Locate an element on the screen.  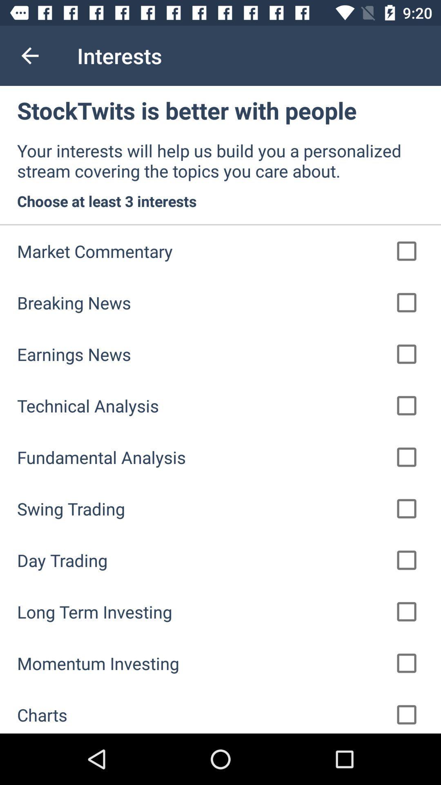
the item to the left of interests is located at coordinates (29, 55).